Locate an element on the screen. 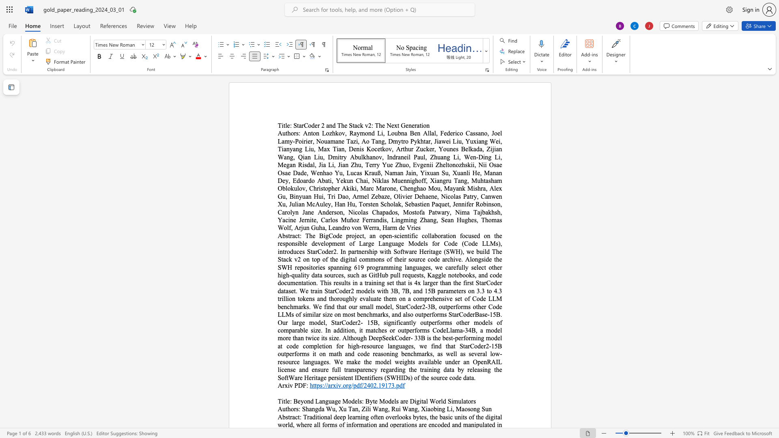 The image size is (779, 438). the 3th character "/" in the text is located at coordinates (352, 385).